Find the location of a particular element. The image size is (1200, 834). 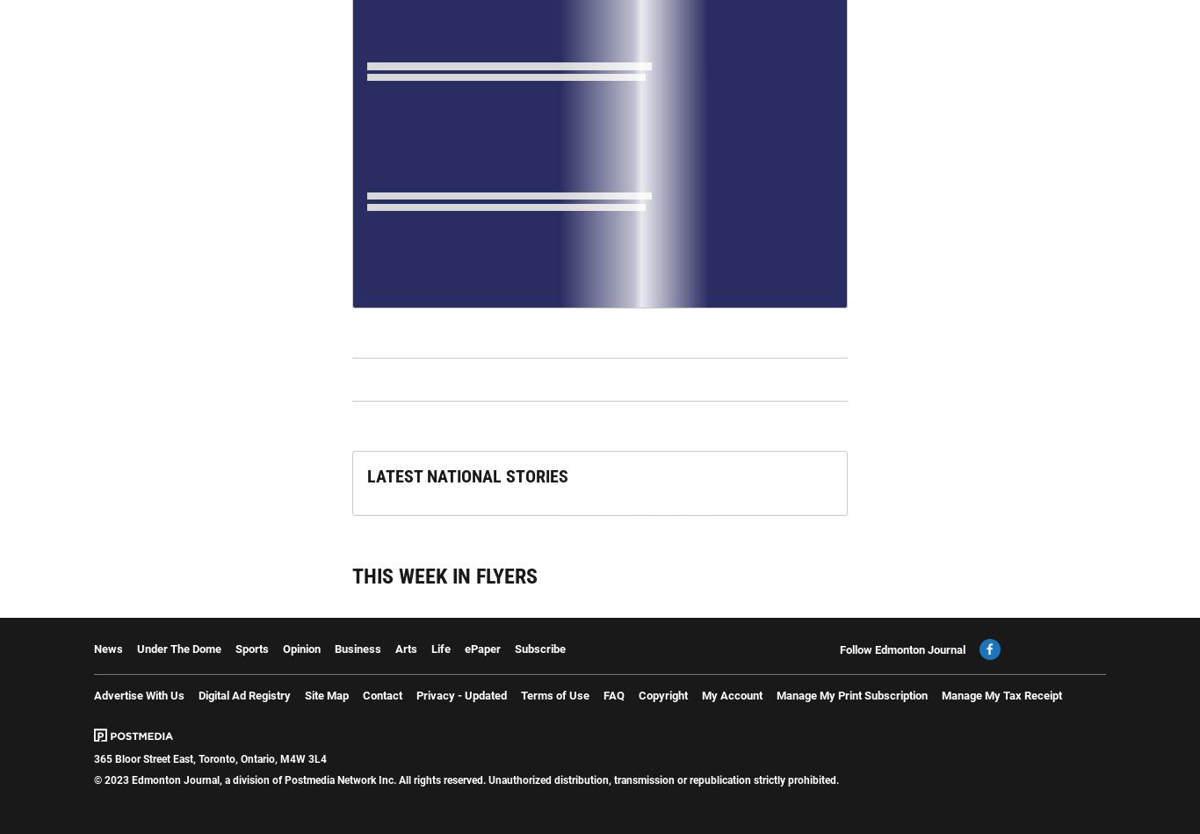

'News' is located at coordinates (107, 648).